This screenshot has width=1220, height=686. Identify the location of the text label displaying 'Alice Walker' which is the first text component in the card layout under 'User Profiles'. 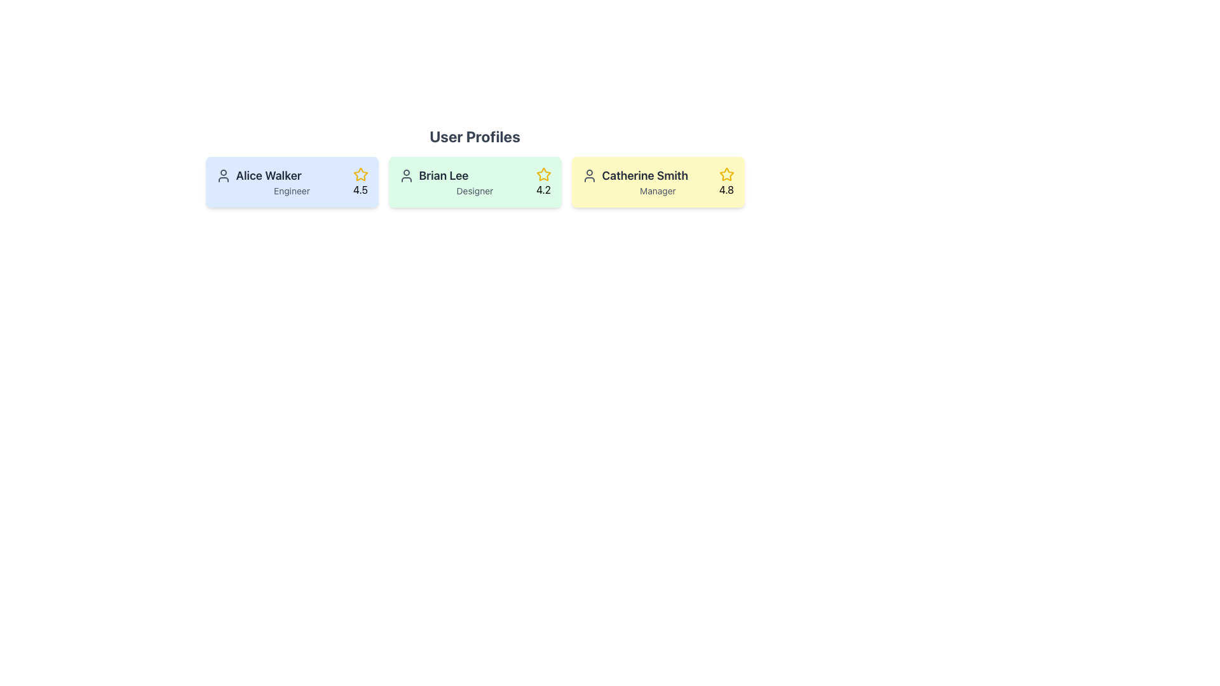
(291, 176).